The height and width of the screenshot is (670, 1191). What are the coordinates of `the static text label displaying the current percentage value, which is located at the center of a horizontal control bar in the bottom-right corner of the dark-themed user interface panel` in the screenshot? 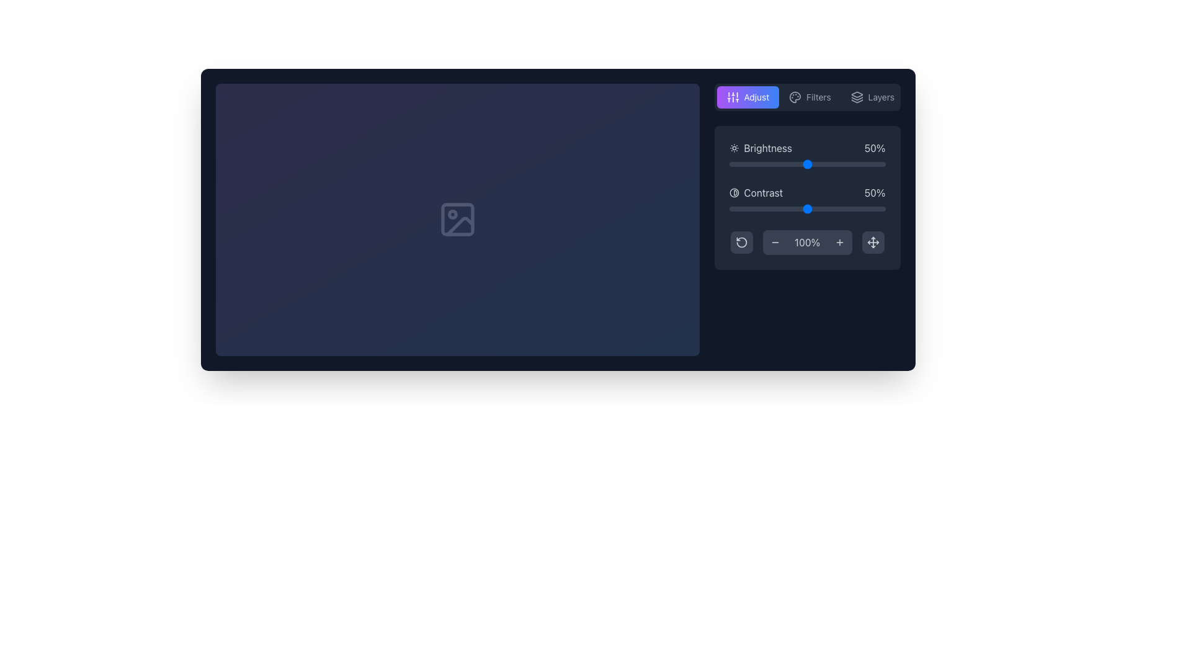 It's located at (807, 242).